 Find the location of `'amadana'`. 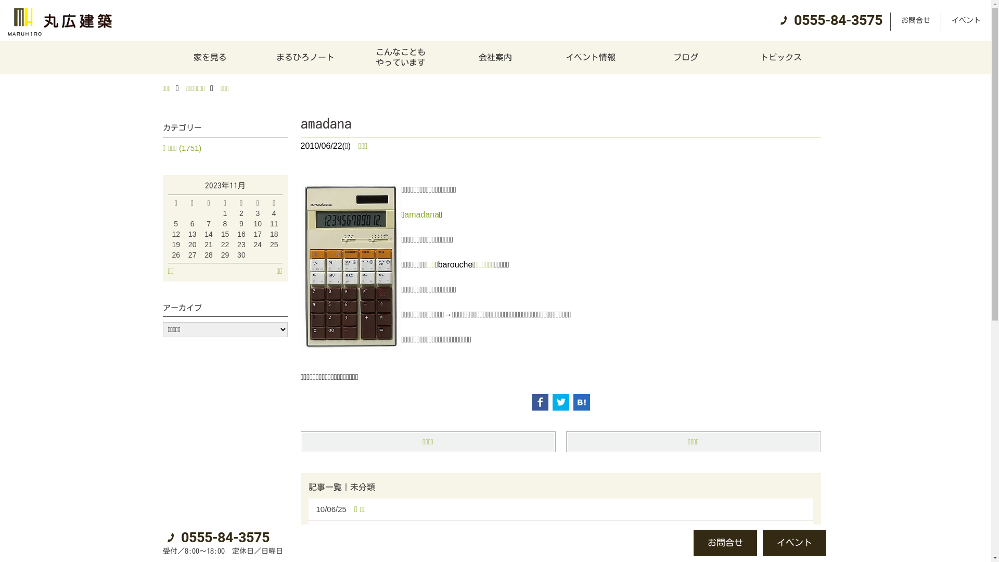

'amadana' is located at coordinates (421, 214).